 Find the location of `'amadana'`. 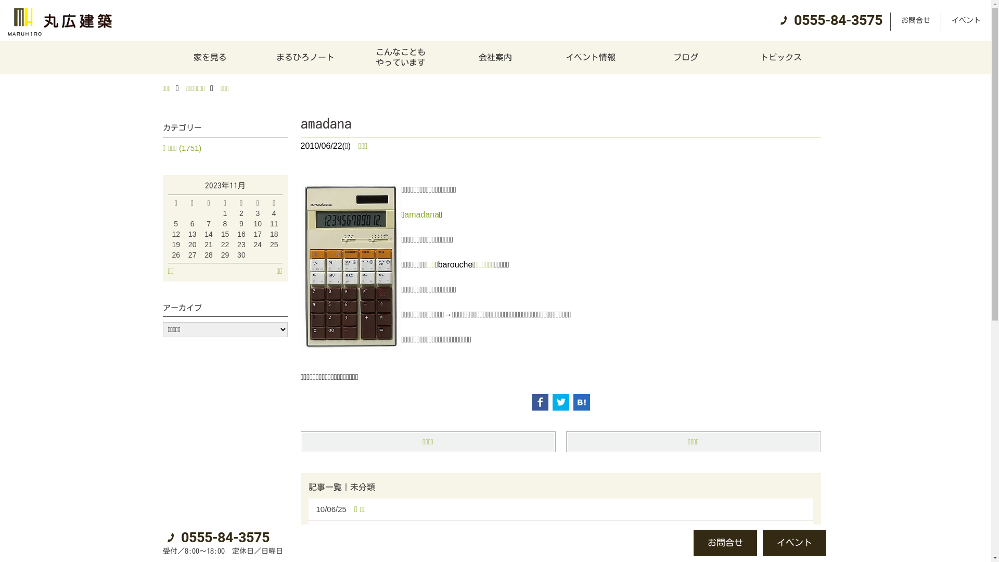

'amadana' is located at coordinates (421, 214).